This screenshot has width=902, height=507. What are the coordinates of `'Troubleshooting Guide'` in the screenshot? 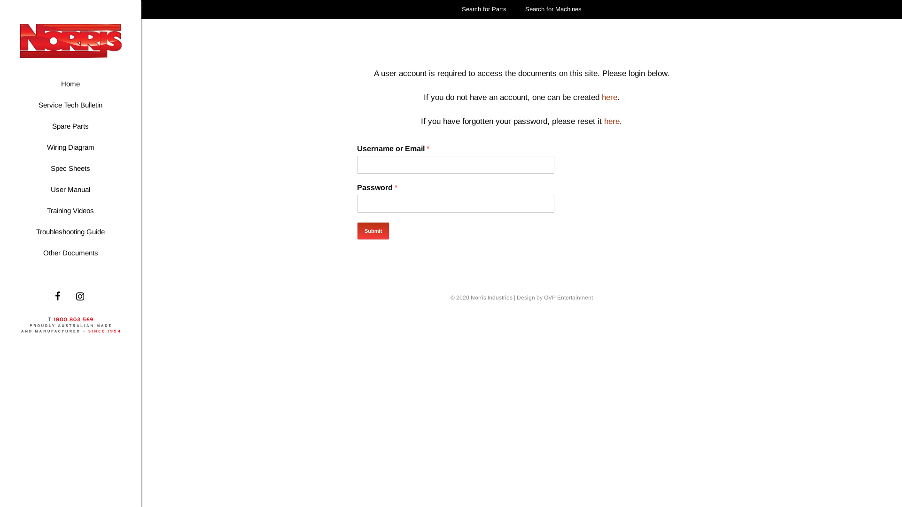 It's located at (70, 231).